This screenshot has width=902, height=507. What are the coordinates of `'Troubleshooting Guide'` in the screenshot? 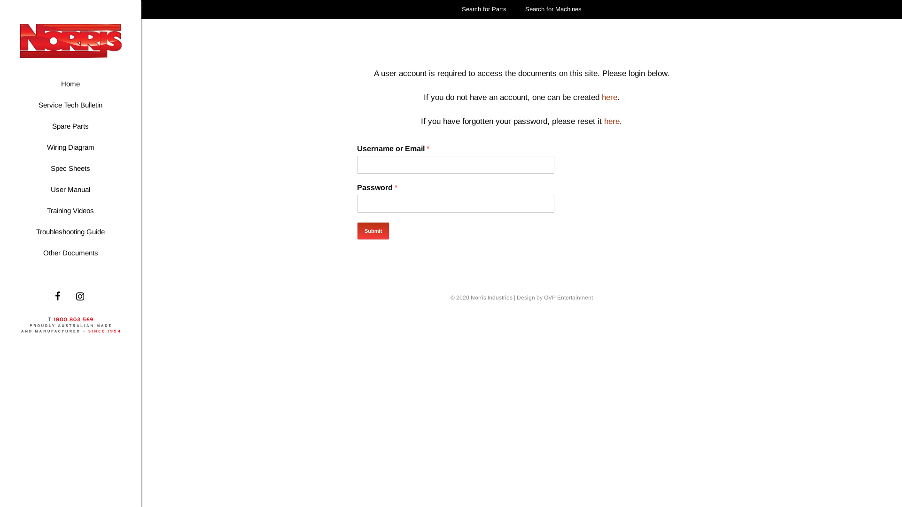 It's located at (70, 231).